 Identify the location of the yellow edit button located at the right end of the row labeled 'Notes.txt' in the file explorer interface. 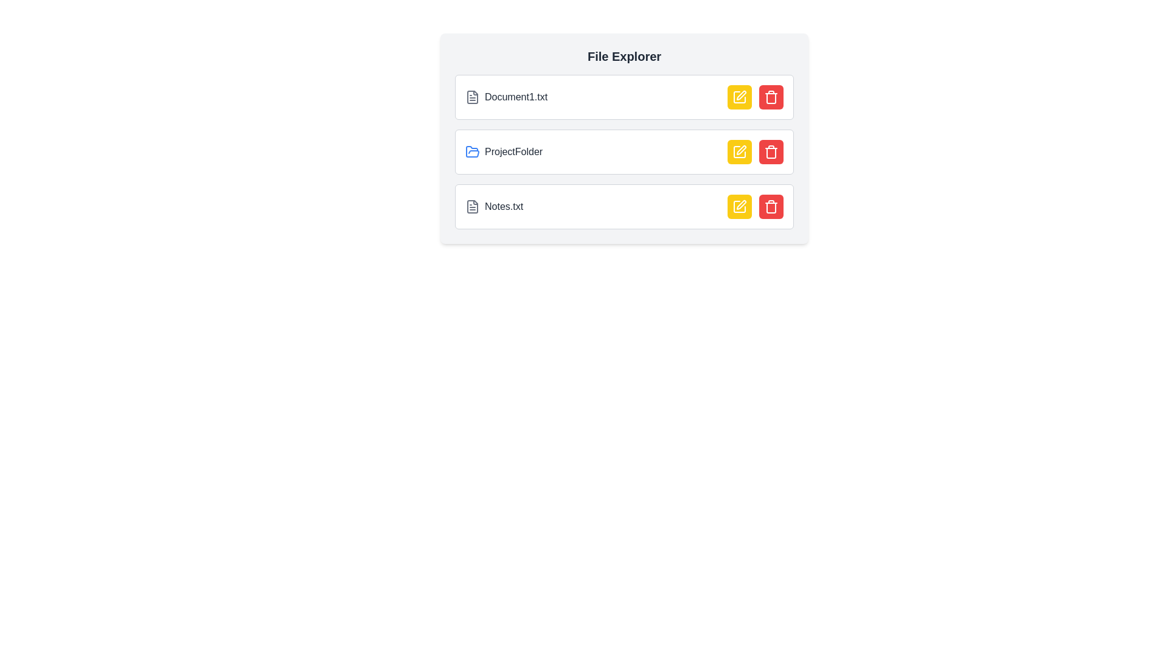
(755, 206).